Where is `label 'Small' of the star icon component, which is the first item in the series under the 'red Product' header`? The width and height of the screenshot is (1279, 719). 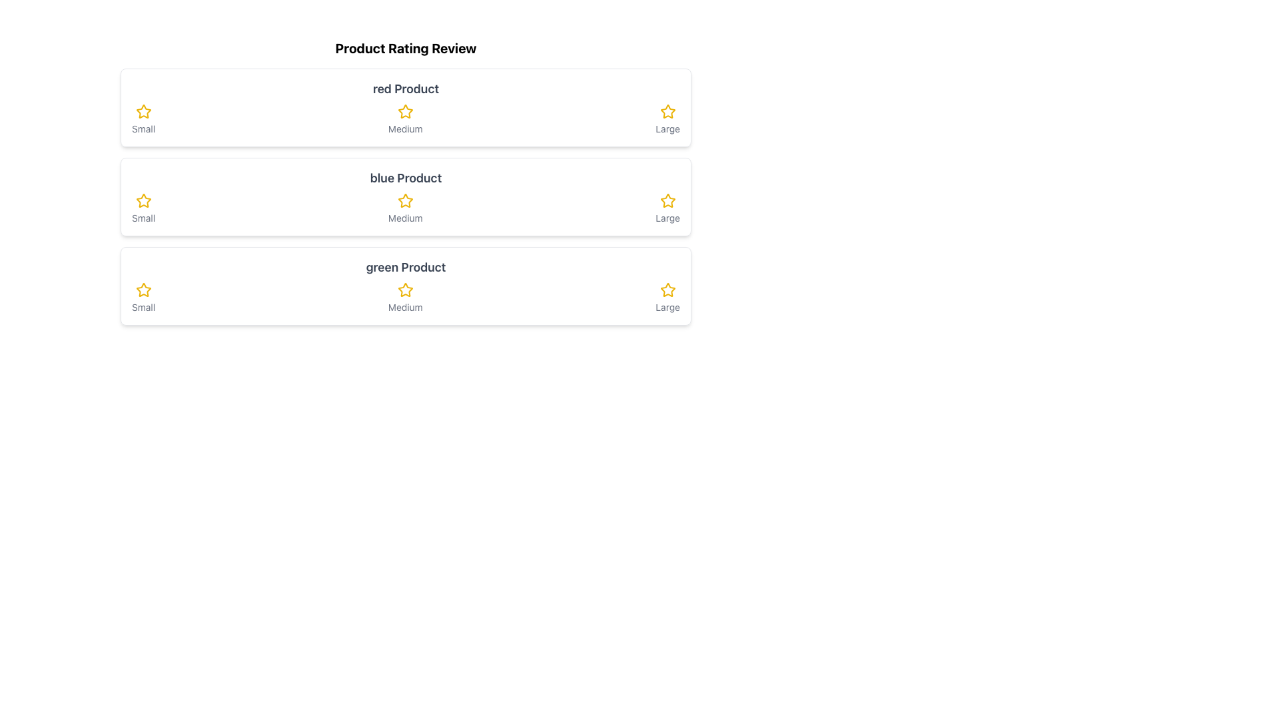 label 'Small' of the star icon component, which is the first item in the series under the 'red Product' header is located at coordinates (143, 120).